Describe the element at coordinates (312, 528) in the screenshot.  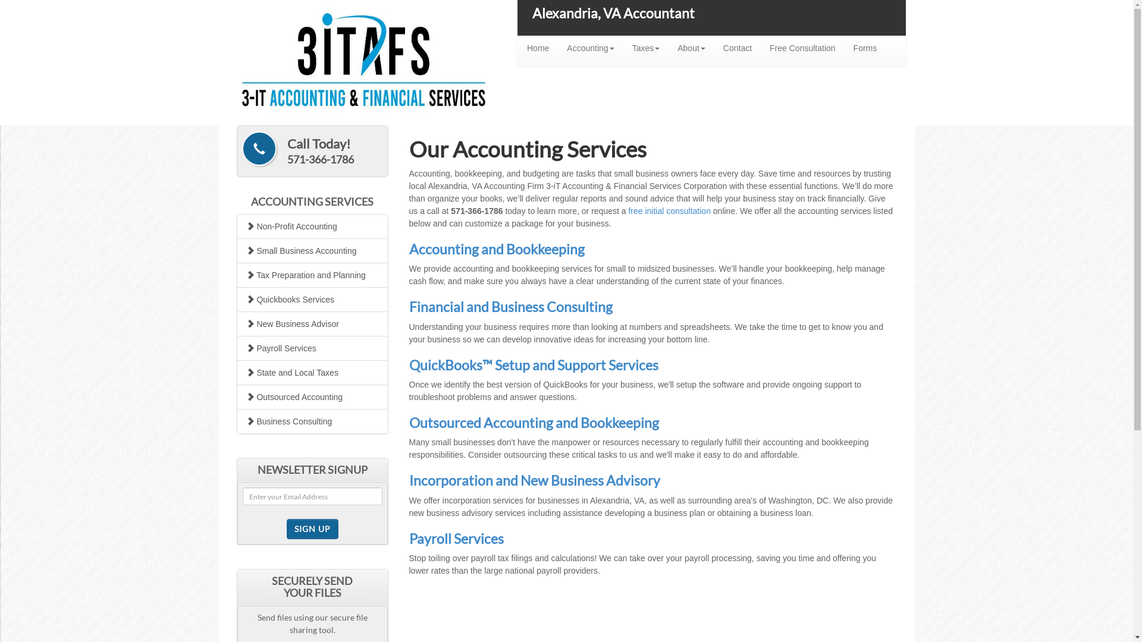
I see `'SIGN UP'` at that location.